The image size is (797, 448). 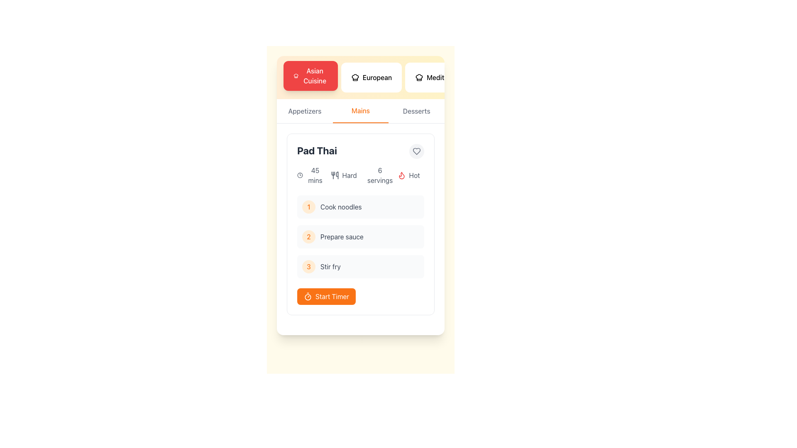 I want to click on the static text indicating the first step in the recipe preparation process, which instructs to 'Cook noodles', located next to the yellow circular marker labeled '1', so click(x=341, y=206).